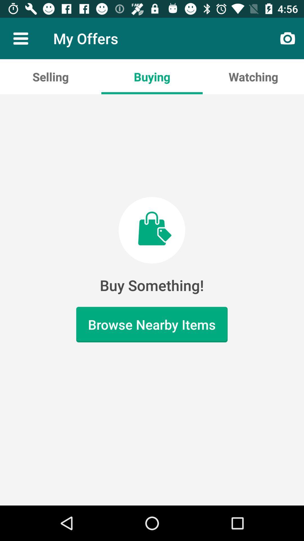 The image size is (304, 541). I want to click on the item to the left of the watching app, so click(152, 76).